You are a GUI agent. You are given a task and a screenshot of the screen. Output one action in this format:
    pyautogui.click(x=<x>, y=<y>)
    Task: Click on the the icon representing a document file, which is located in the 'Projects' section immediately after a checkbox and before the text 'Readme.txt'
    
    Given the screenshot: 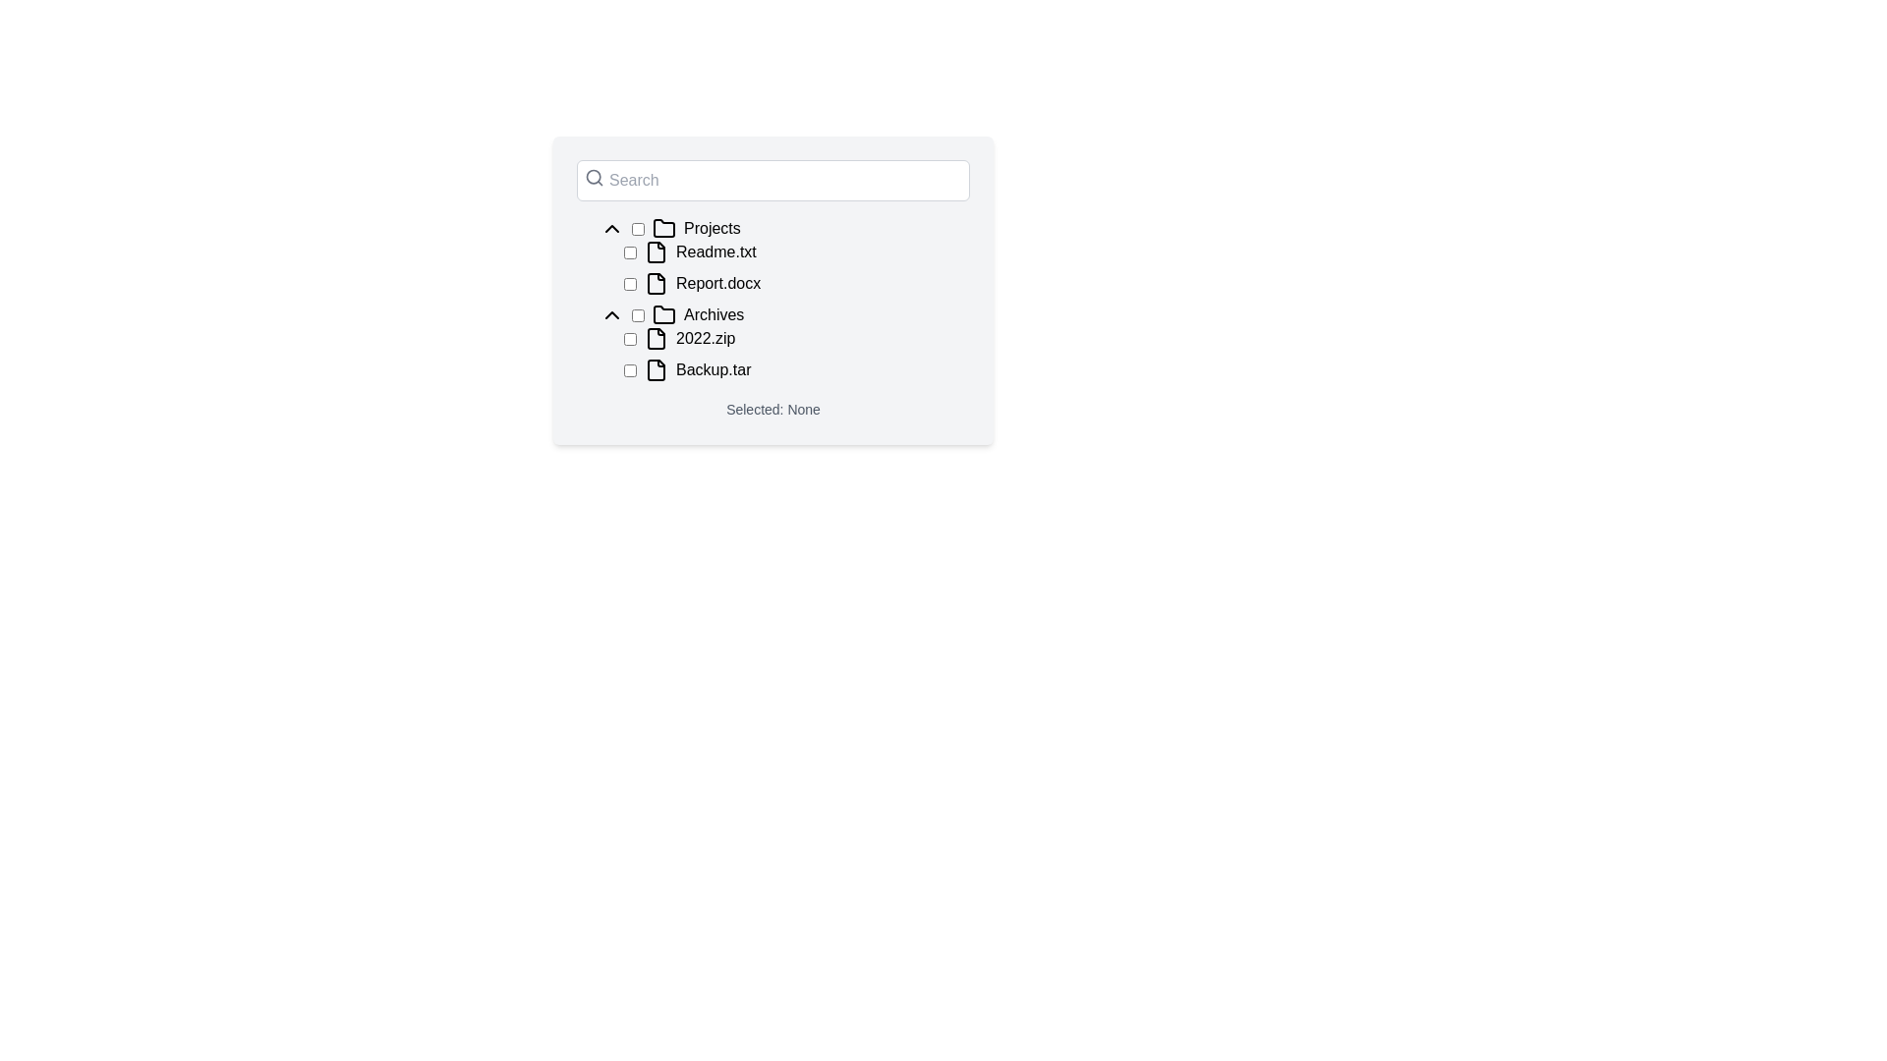 What is the action you would take?
    pyautogui.click(x=656, y=251)
    